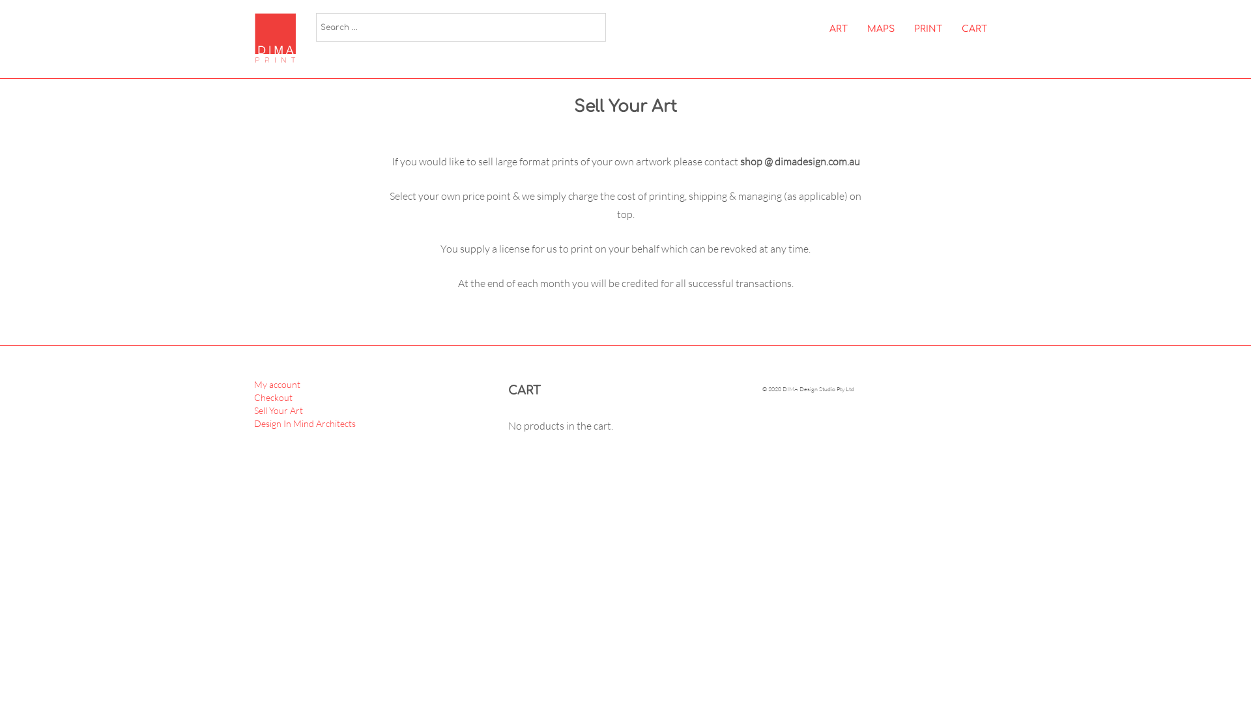 The height and width of the screenshot is (703, 1251). Describe the element at coordinates (276, 383) in the screenshot. I see `'My account'` at that location.